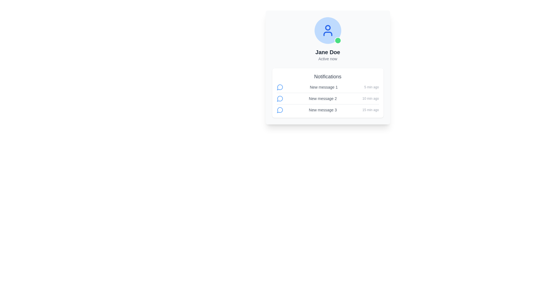 This screenshot has height=300, width=534. I want to click on the text displaying 'Jane Doe' which is bold, enlarged, and dark gray, located centrally below a circular avatar image, so click(328, 52).